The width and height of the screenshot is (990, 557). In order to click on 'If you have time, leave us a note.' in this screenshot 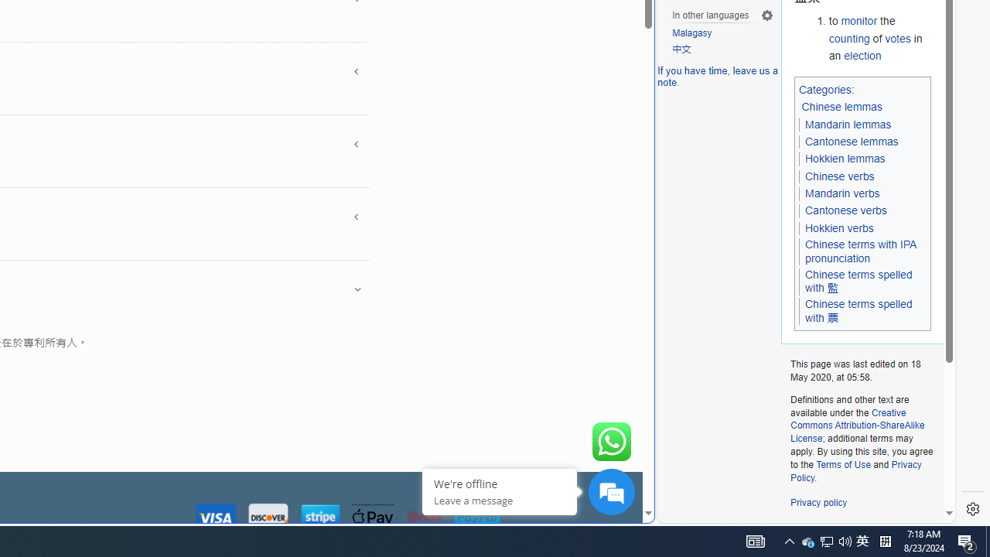, I will do `click(717, 76)`.